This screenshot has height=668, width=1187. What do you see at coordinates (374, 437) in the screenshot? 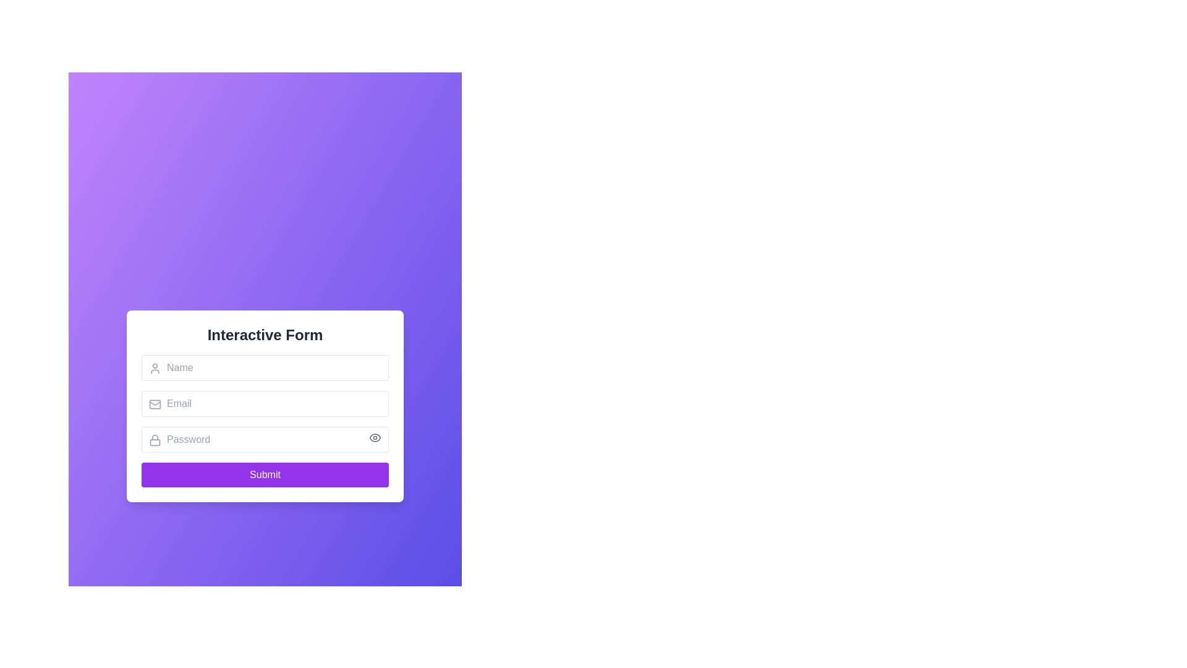
I see `the eye icon button located in the top-right corner of the password input field` at bounding box center [374, 437].